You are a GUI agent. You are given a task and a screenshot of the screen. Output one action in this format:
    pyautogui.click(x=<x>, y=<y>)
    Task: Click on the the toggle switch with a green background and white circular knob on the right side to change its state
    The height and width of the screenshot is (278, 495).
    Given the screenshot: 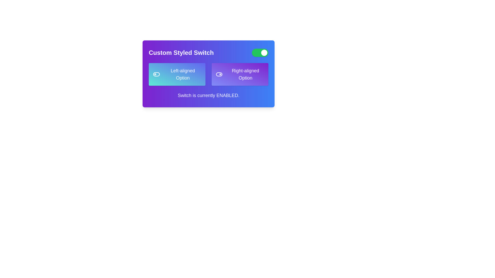 What is the action you would take?
    pyautogui.click(x=260, y=53)
    